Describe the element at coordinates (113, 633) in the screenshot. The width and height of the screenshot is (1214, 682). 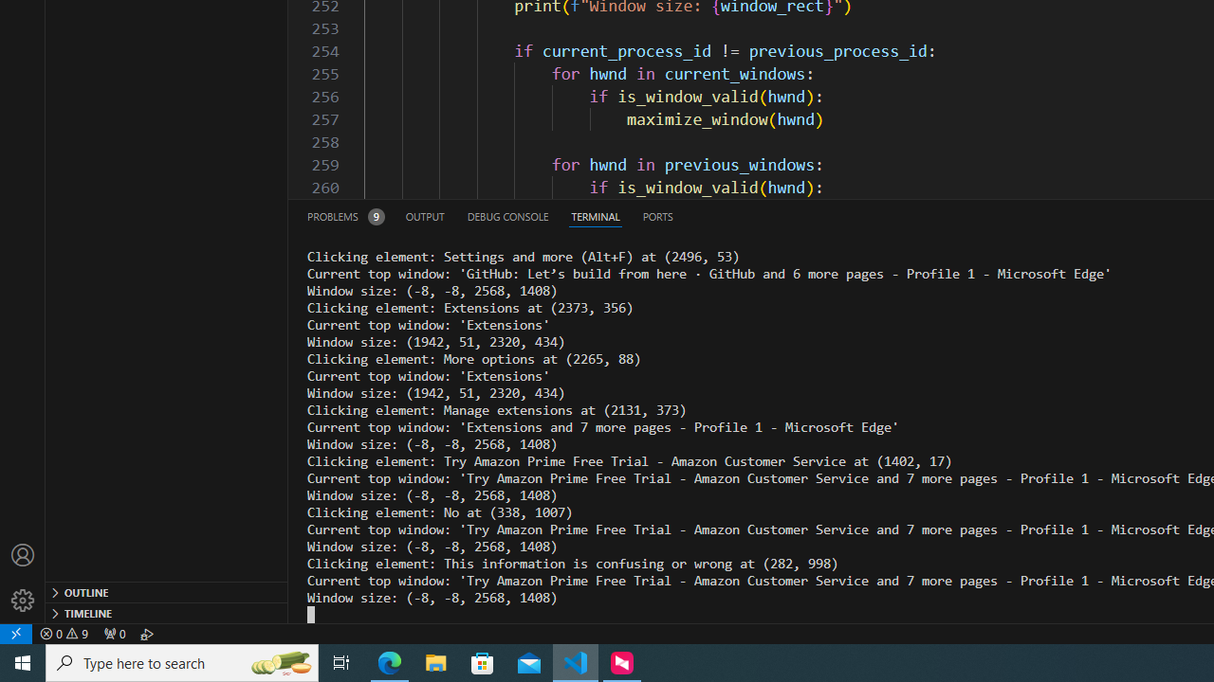
I see `'No Ports Forwarded'` at that location.